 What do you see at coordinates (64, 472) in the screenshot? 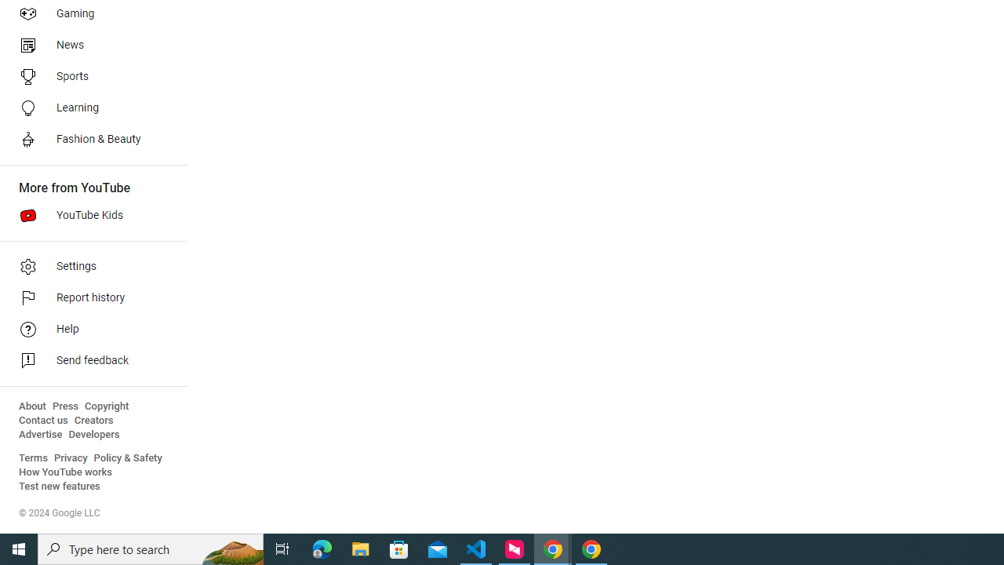
I see `'How YouTube works'` at bounding box center [64, 472].